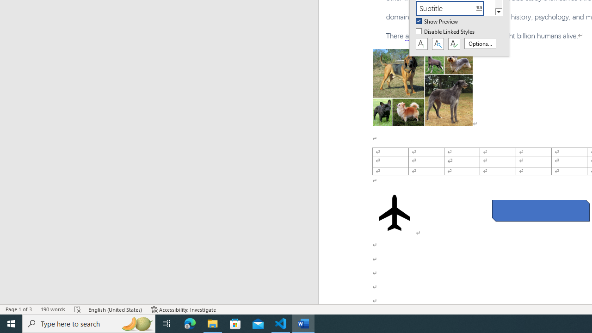 The image size is (592, 333). I want to click on 'Disable Linked Styles', so click(446, 31).